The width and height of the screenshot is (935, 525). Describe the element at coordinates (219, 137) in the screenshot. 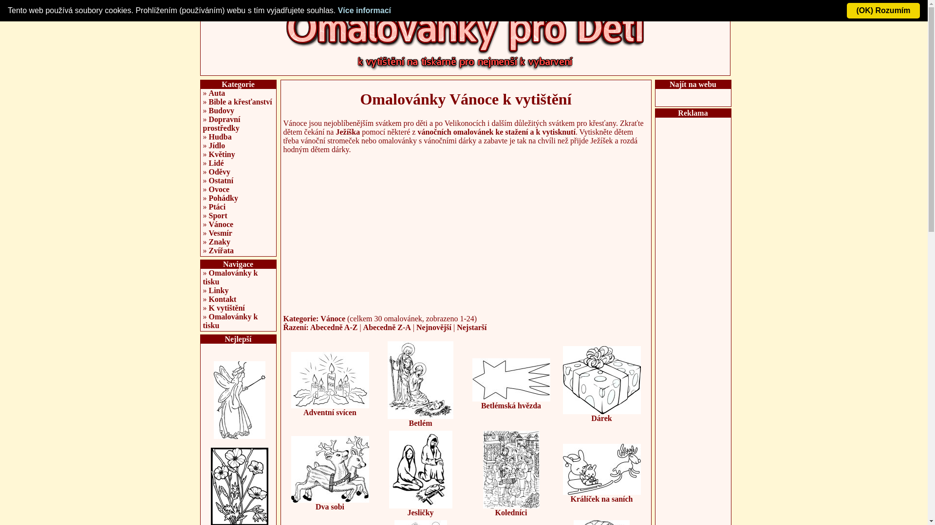

I see `'Hudba'` at that location.